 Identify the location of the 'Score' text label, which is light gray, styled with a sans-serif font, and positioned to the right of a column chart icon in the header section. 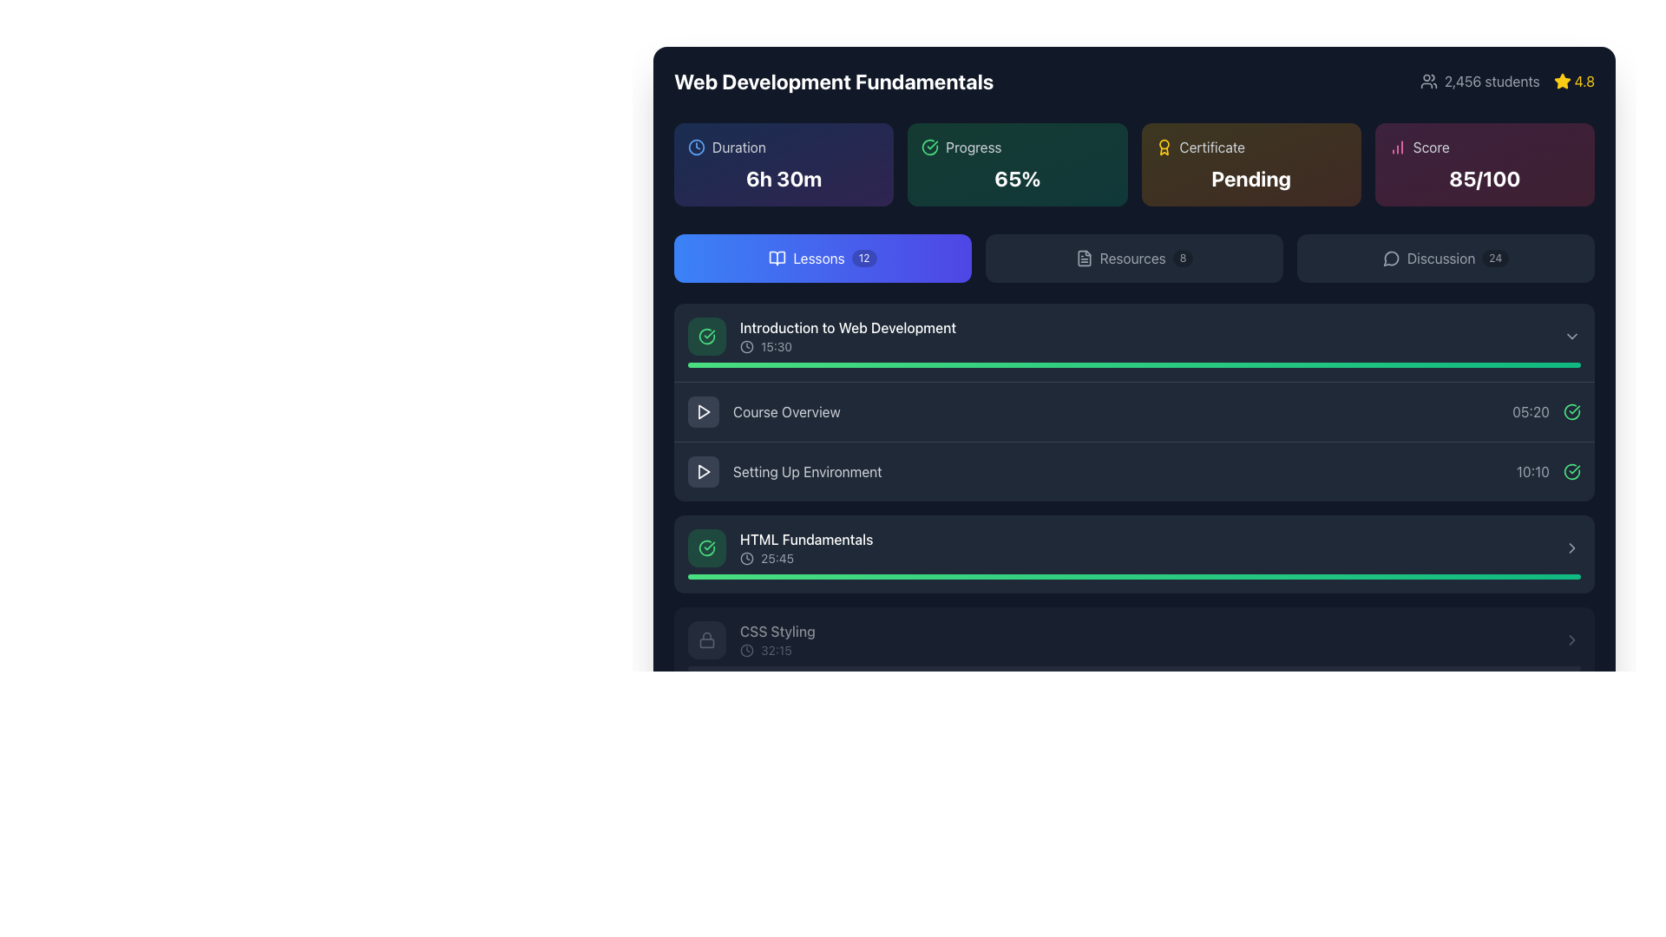
(1431, 146).